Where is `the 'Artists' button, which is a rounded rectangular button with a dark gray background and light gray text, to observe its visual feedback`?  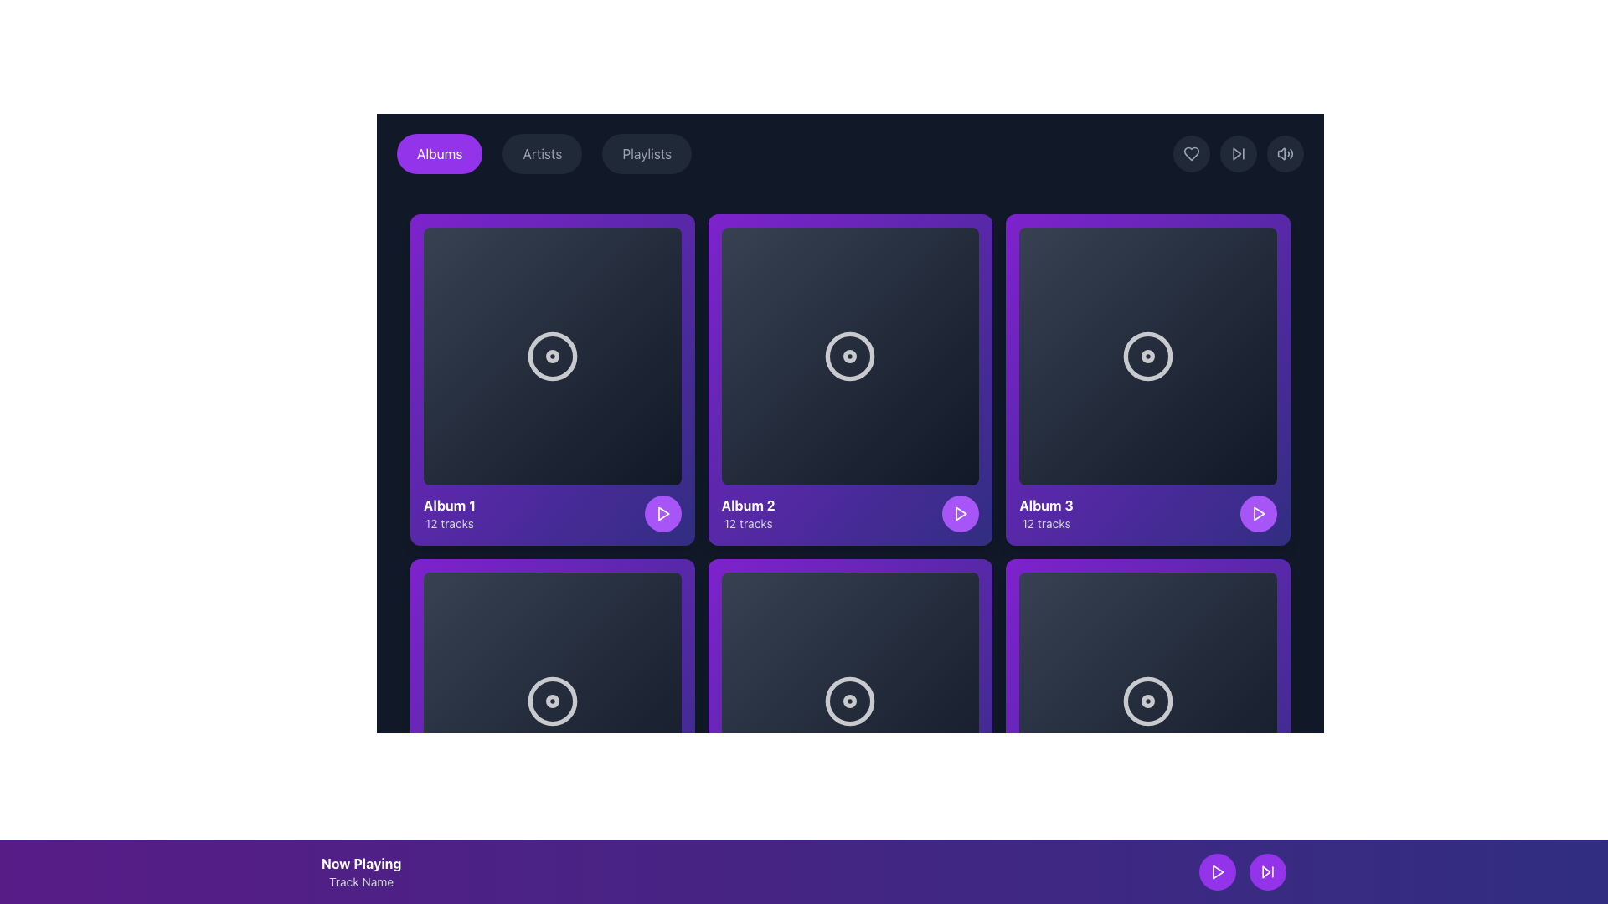 the 'Artists' button, which is a rounded rectangular button with a dark gray background and light gray text, to observe its visual feedback is located at coordinates (542, 154).